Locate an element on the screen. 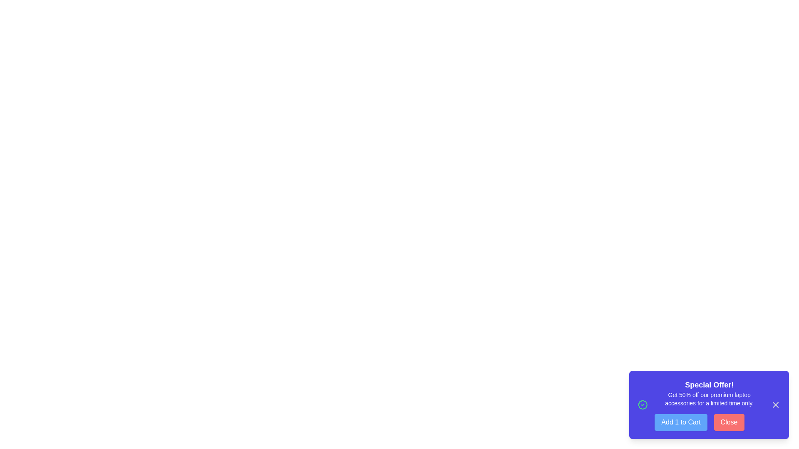  the 'Close' button to hide the snackbar is located at coordinates (729, 422).